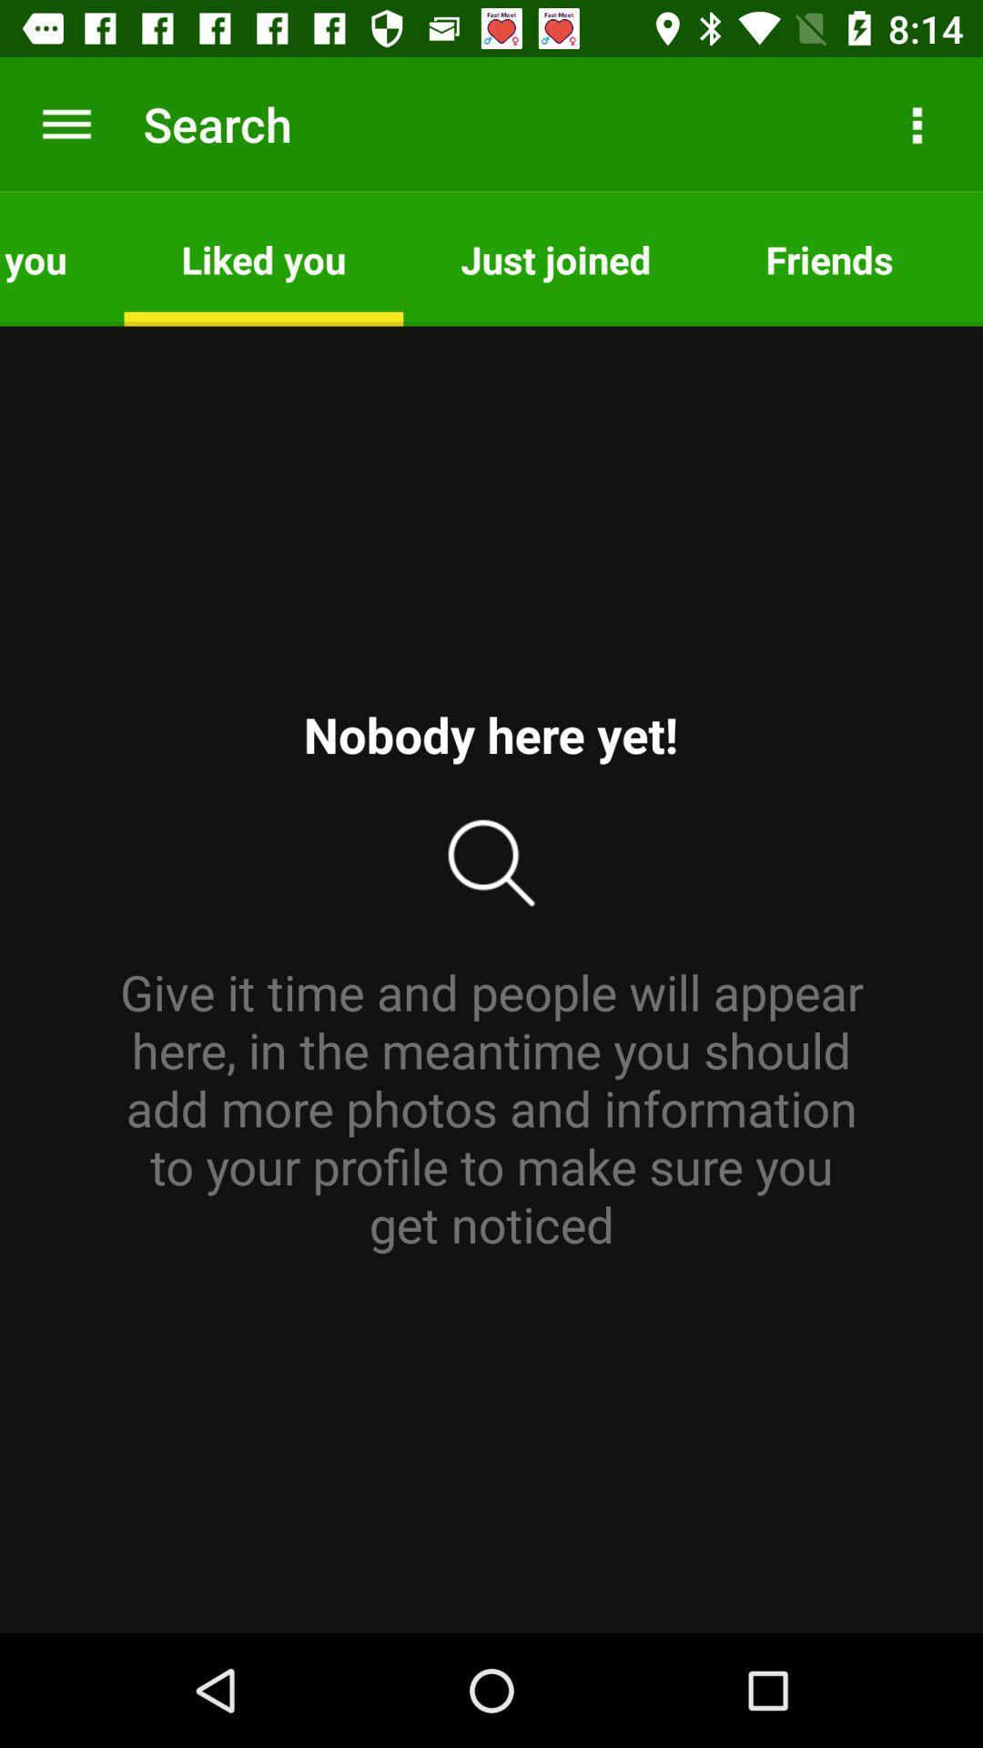 The height and width of the screenshot is (1748, 983). What do you see at coordinates (829, 258) in the screenshot?
I see `the app to the left of the favorites item` at bounding box center [829, 258].